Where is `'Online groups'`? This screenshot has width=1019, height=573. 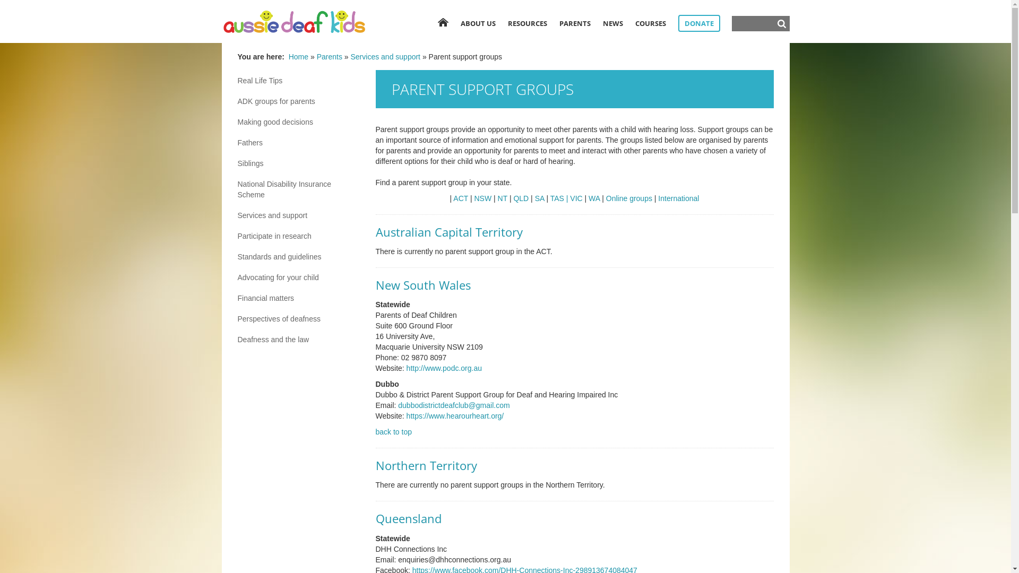 'Online groups' is located at coordinates (629, 198).